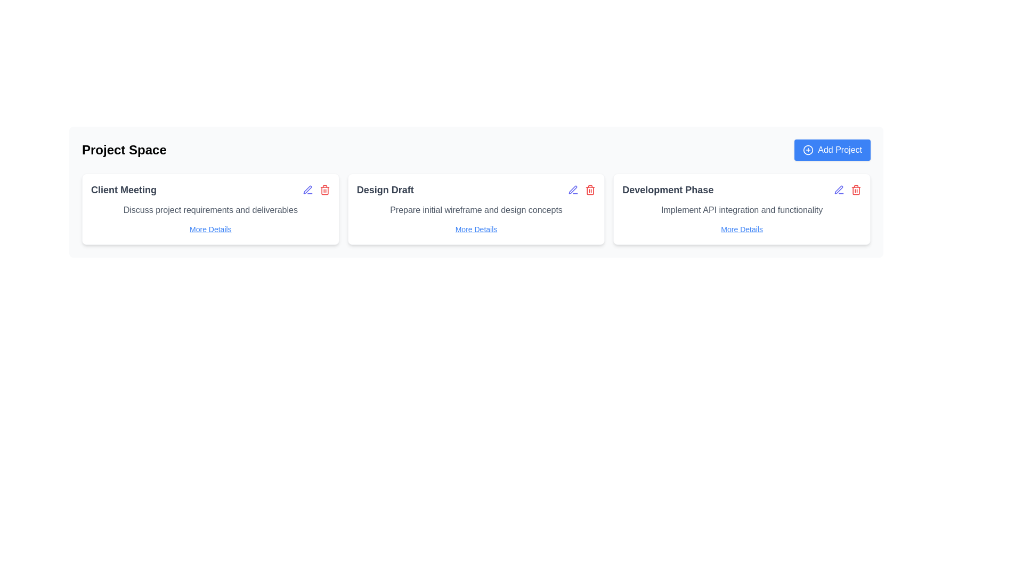 The width and height of the screenshot is (1023, 575). I want to click on text content of the 'Design Draft' label which is displayed in a larger, bold, dark gray font at the top center of the second card in a horizontal list of three cards, so click(385, 190).